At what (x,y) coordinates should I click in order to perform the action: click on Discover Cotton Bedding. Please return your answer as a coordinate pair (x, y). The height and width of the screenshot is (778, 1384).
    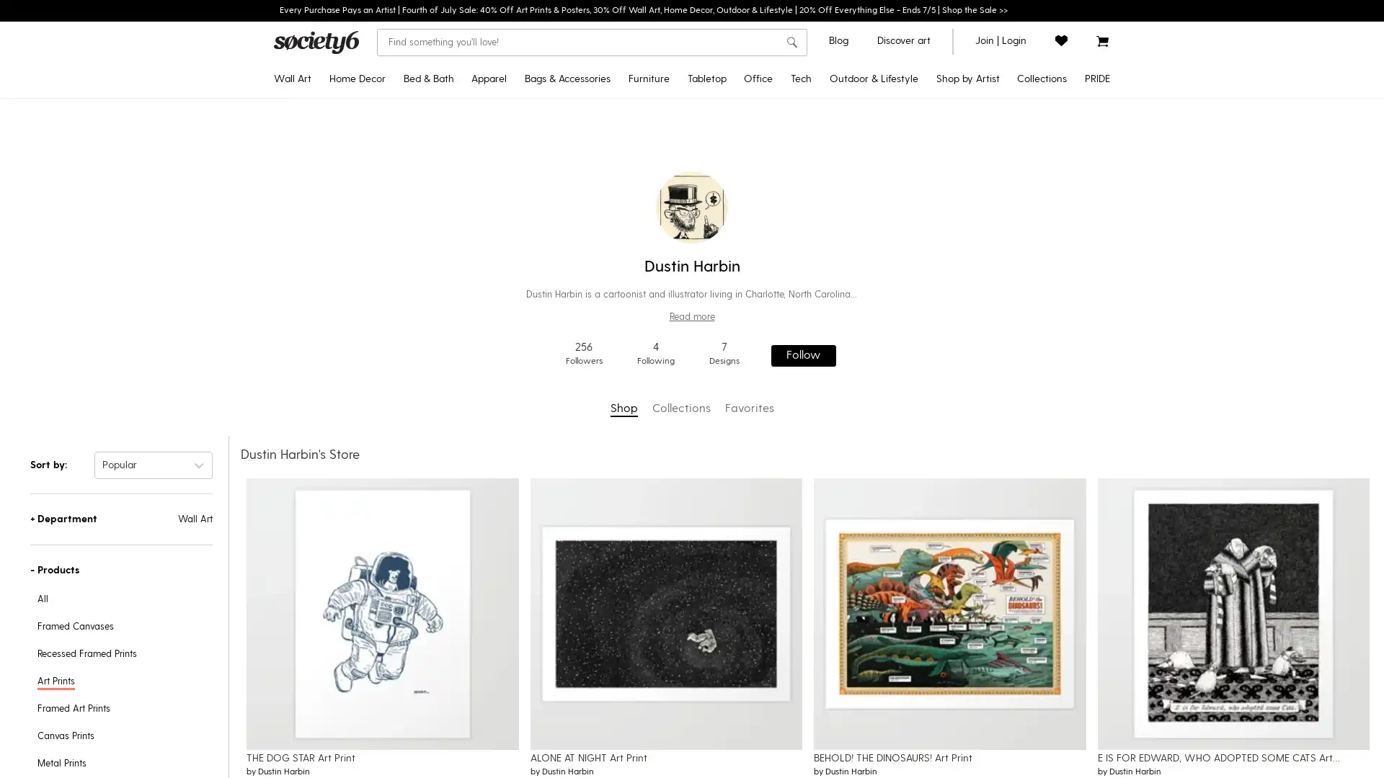
    Looking at the image, I should click on (988, 371).